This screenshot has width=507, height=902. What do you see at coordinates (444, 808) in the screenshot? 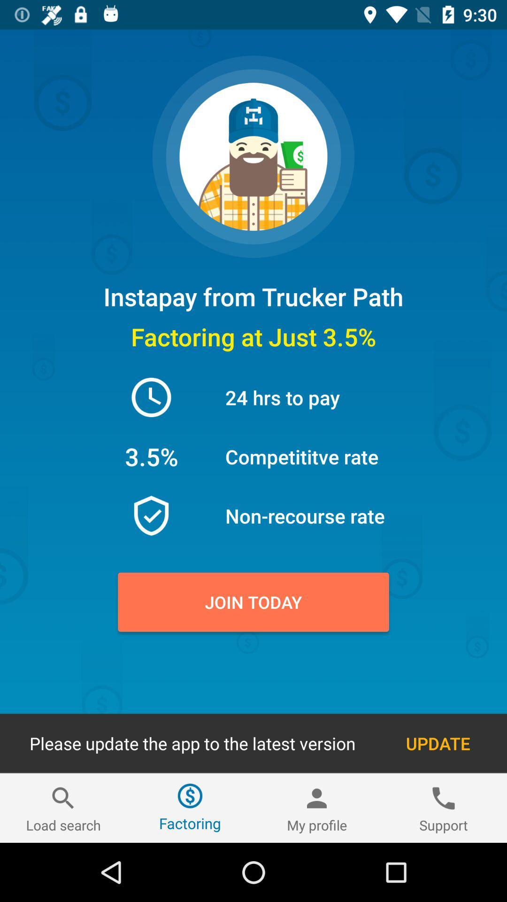
I see `item next to the my profile icon` at bounding box center [444, 808].